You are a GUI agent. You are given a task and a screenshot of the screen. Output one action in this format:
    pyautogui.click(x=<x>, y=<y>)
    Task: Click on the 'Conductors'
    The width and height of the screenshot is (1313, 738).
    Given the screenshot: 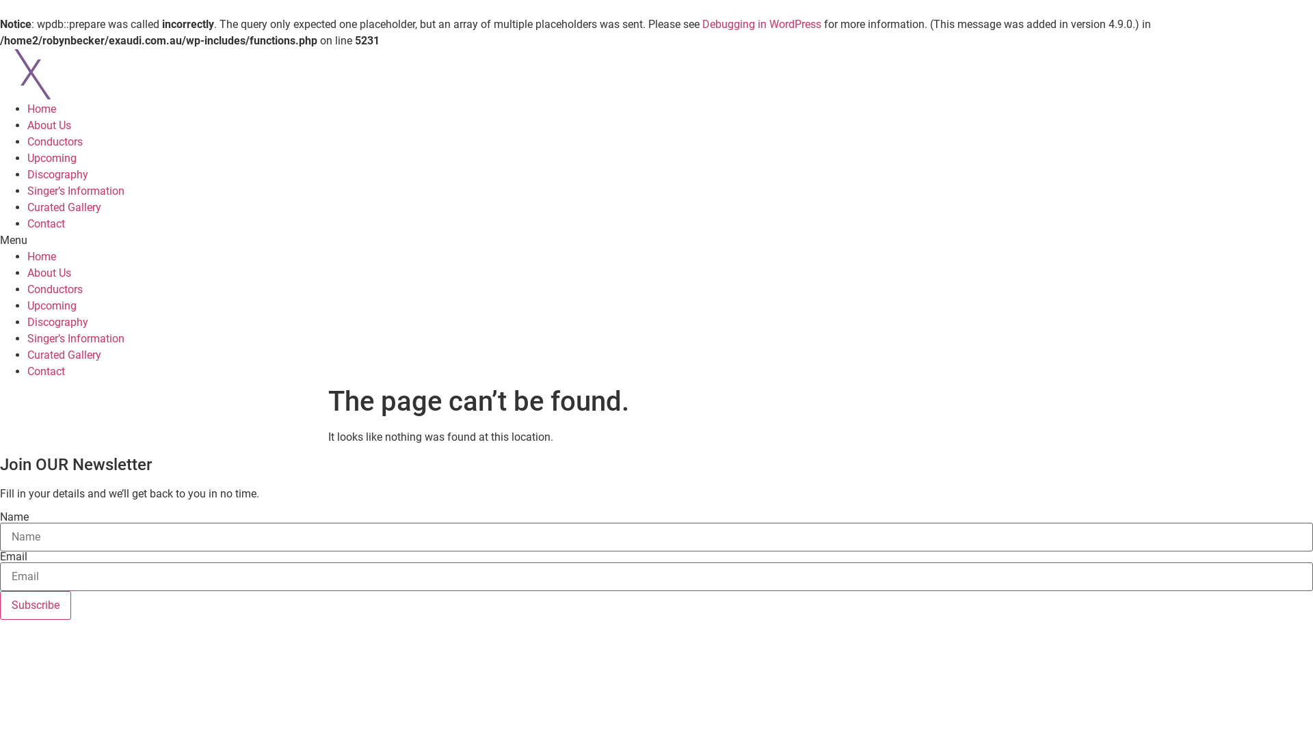 What is the action you would take?
    pyautogui.click(x=55, y=288)
    